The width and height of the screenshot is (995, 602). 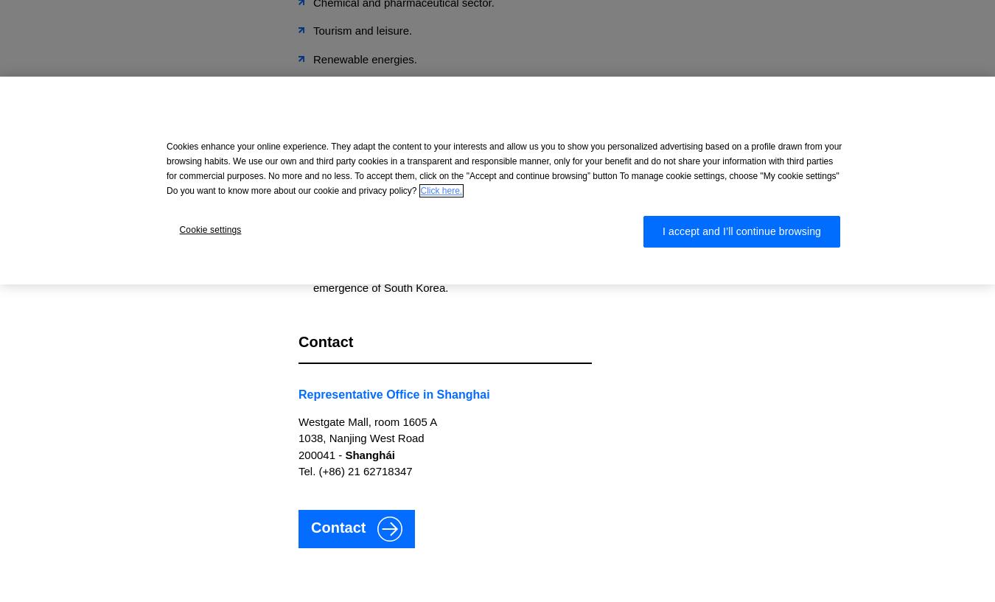 I want to click on '1038, Nanjing West Road', so click(x=360, y=438).